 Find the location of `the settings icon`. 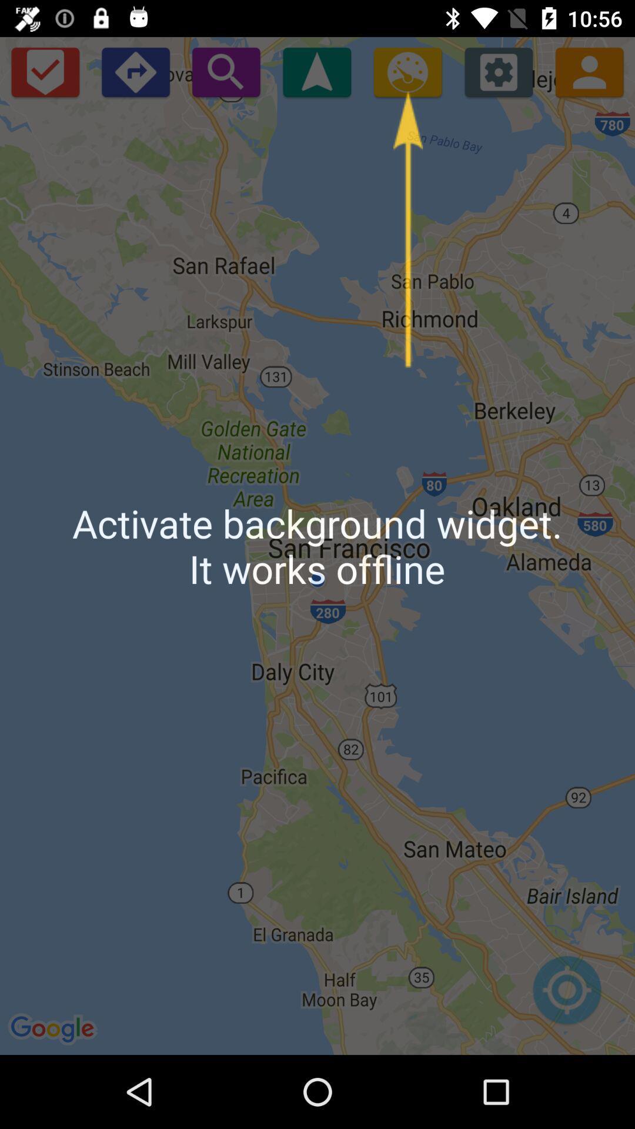

the settings icon is located at coordinates (407, 71).